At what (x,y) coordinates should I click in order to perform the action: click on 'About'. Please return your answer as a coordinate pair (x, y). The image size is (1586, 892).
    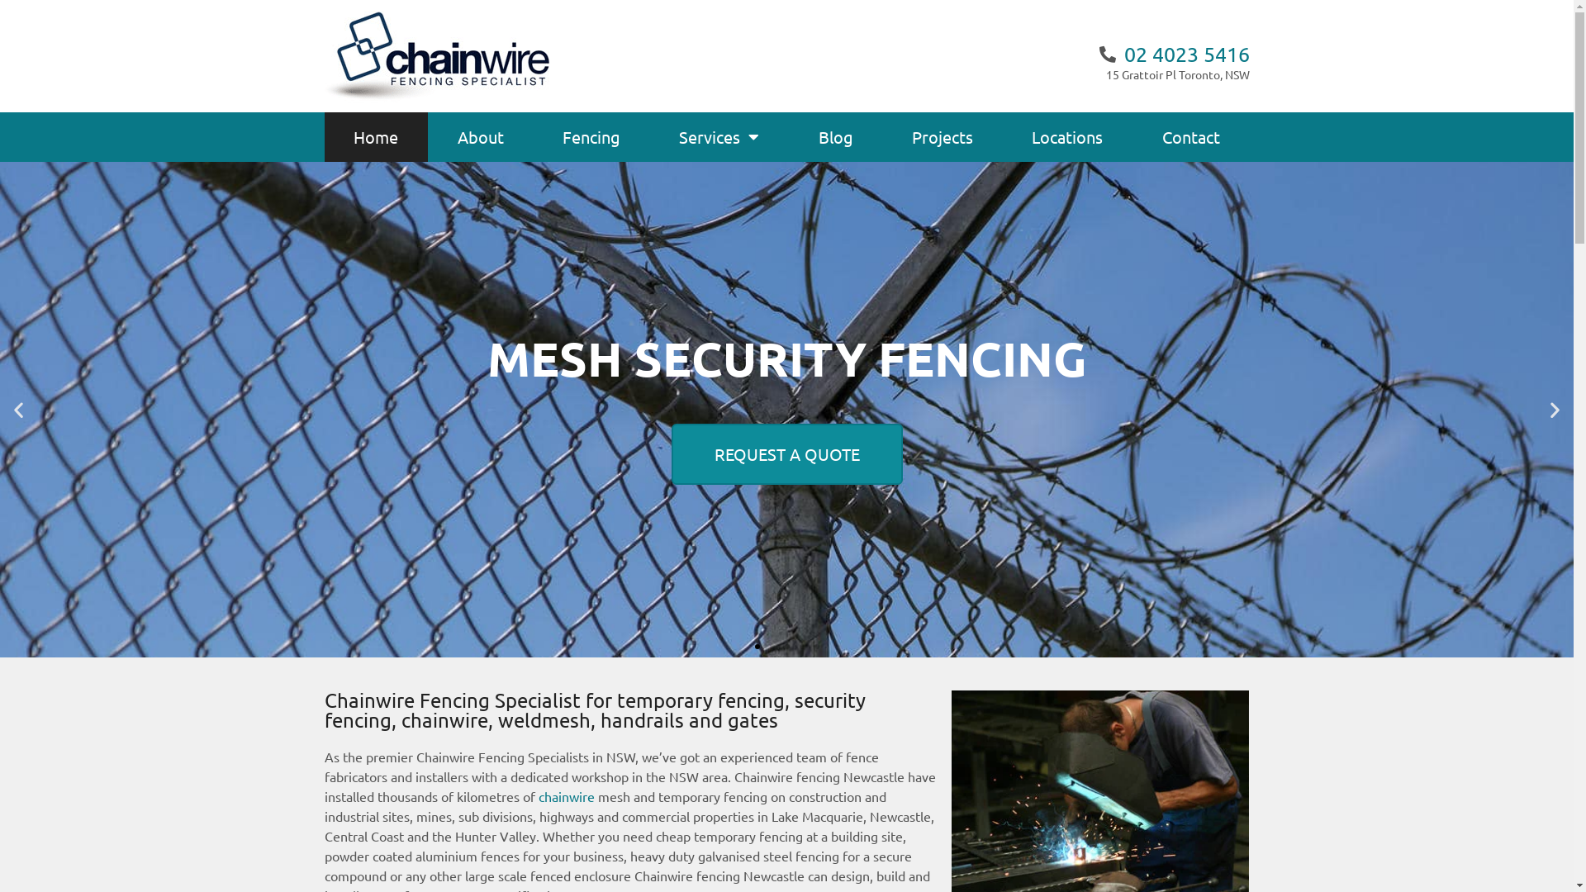
    Looking at the image, I should click on (479, 135).